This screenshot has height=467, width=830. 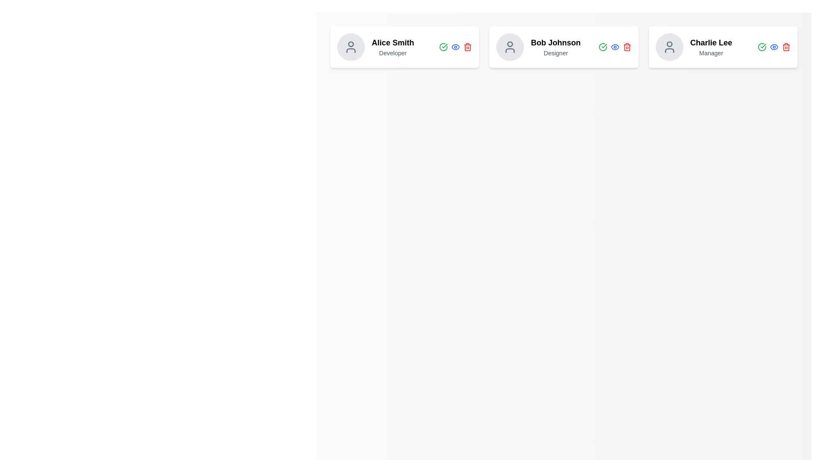 I want to click on displayed text from the text component showing the name 'Alice Smith' in bold and the title 'Developer' beneath it, so click(x=392, y=47).